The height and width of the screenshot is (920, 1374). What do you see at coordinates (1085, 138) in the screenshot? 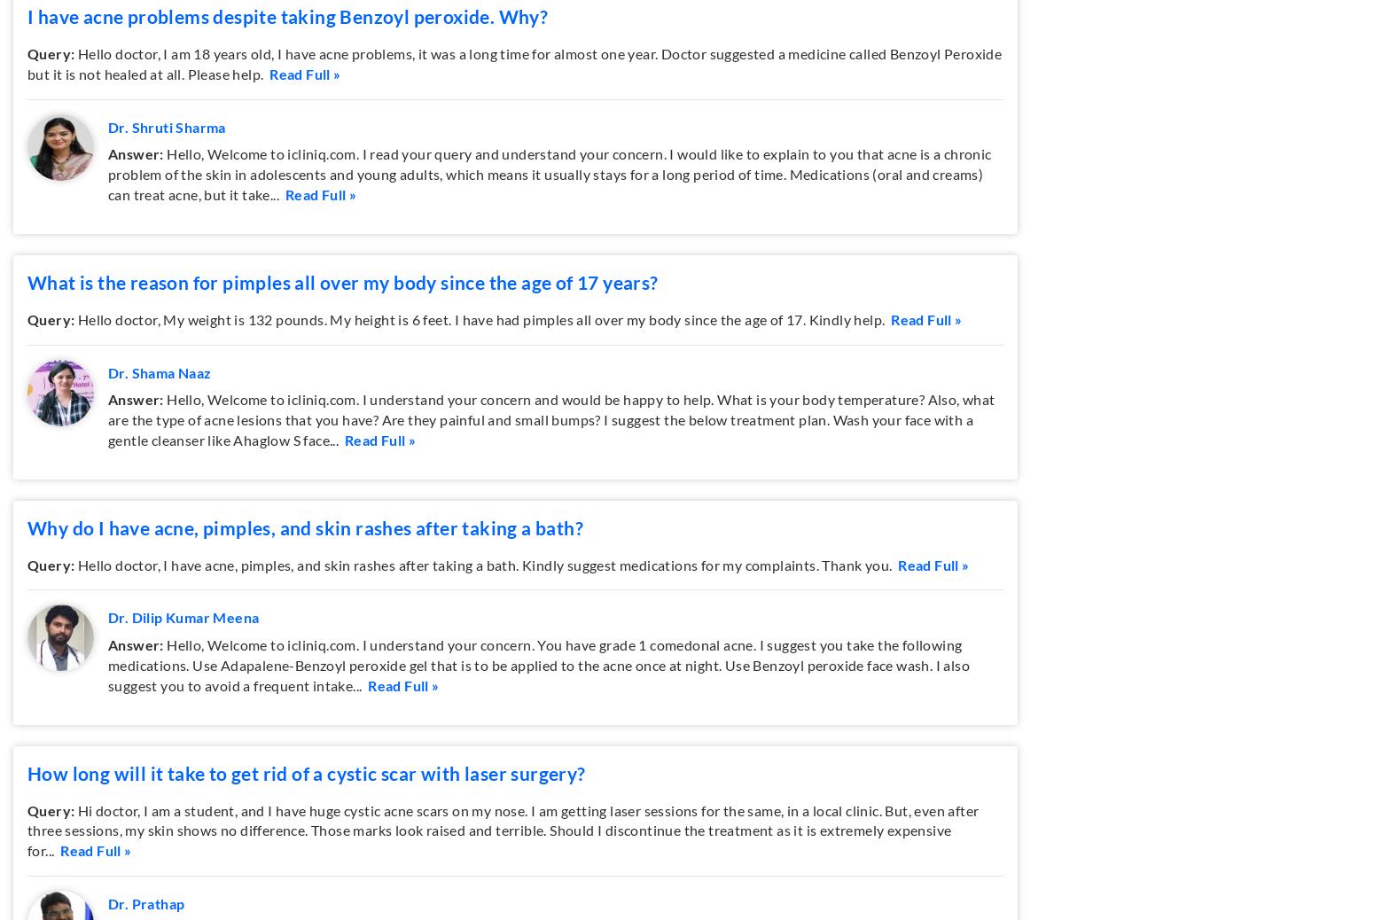
I see `'More...'` at bounding box center [1085, 138].